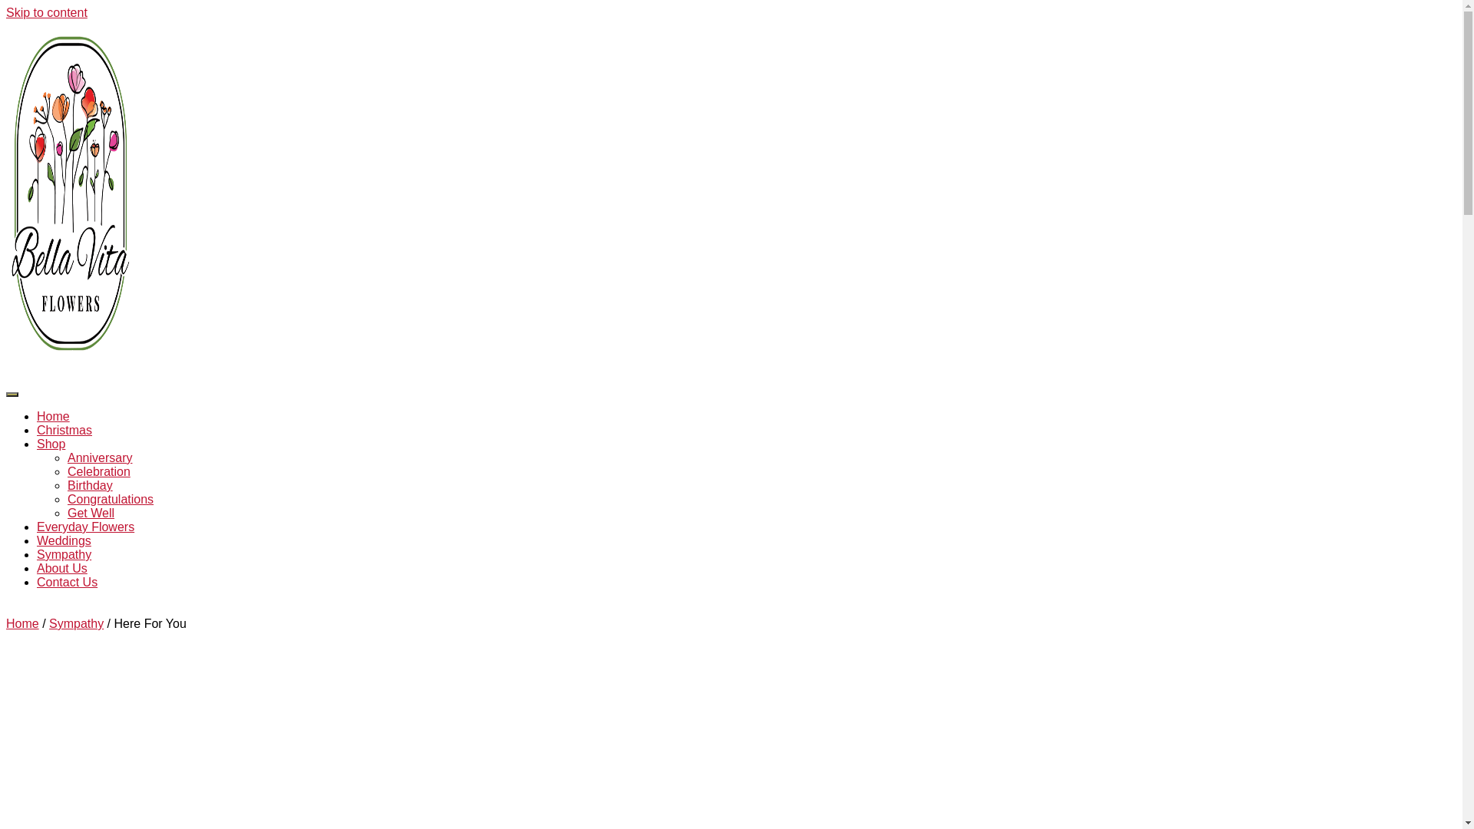  I want to click on 'Home', so click(53, 416).